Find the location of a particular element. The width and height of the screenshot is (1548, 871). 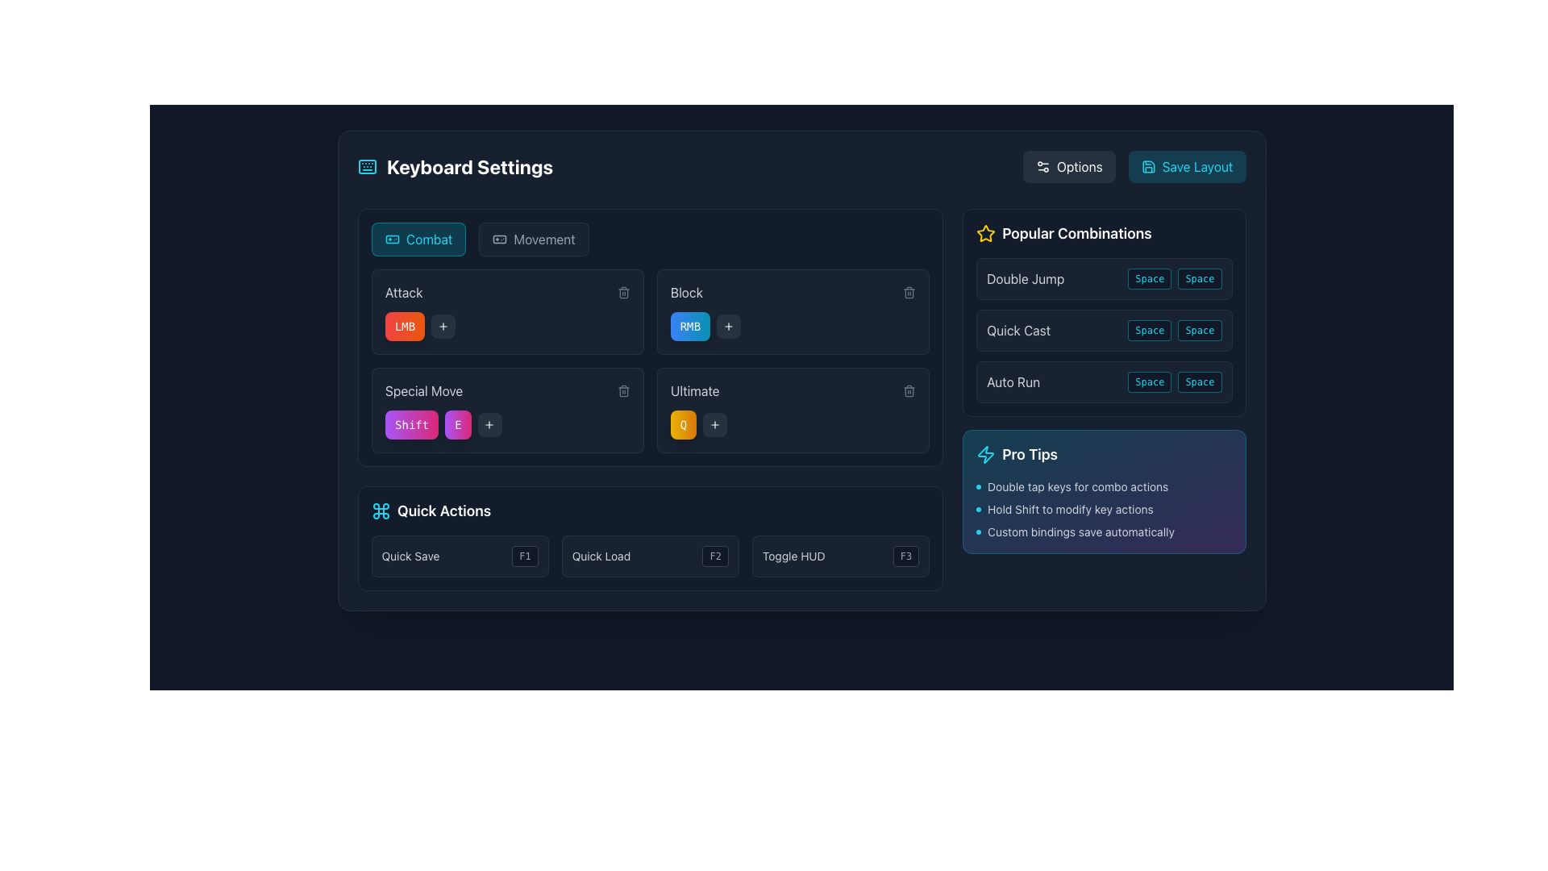

the trash bin icon located at the upper-right corner of the 'Block' card in the 'Combat' section is located at coordinates (909, 294).